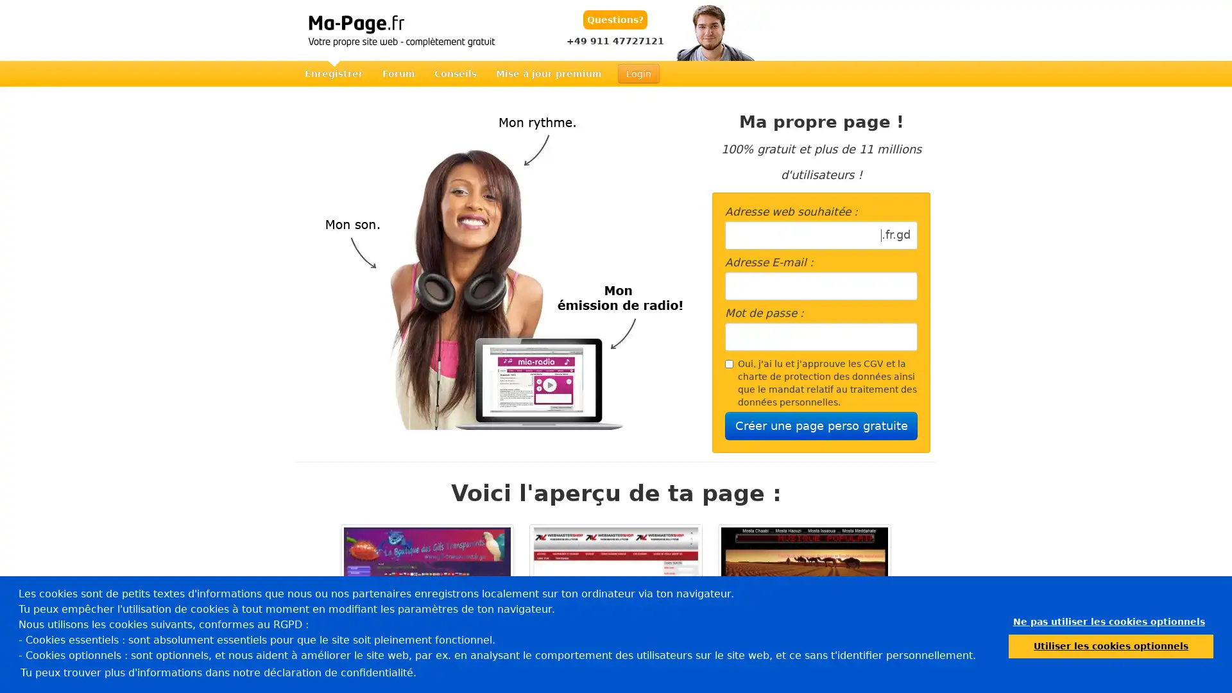 This screenshot has height=693, width=1232. Describe the element at coordinates (1108, 621) in the screenshot. I see `dismiss cookie message` at that location.